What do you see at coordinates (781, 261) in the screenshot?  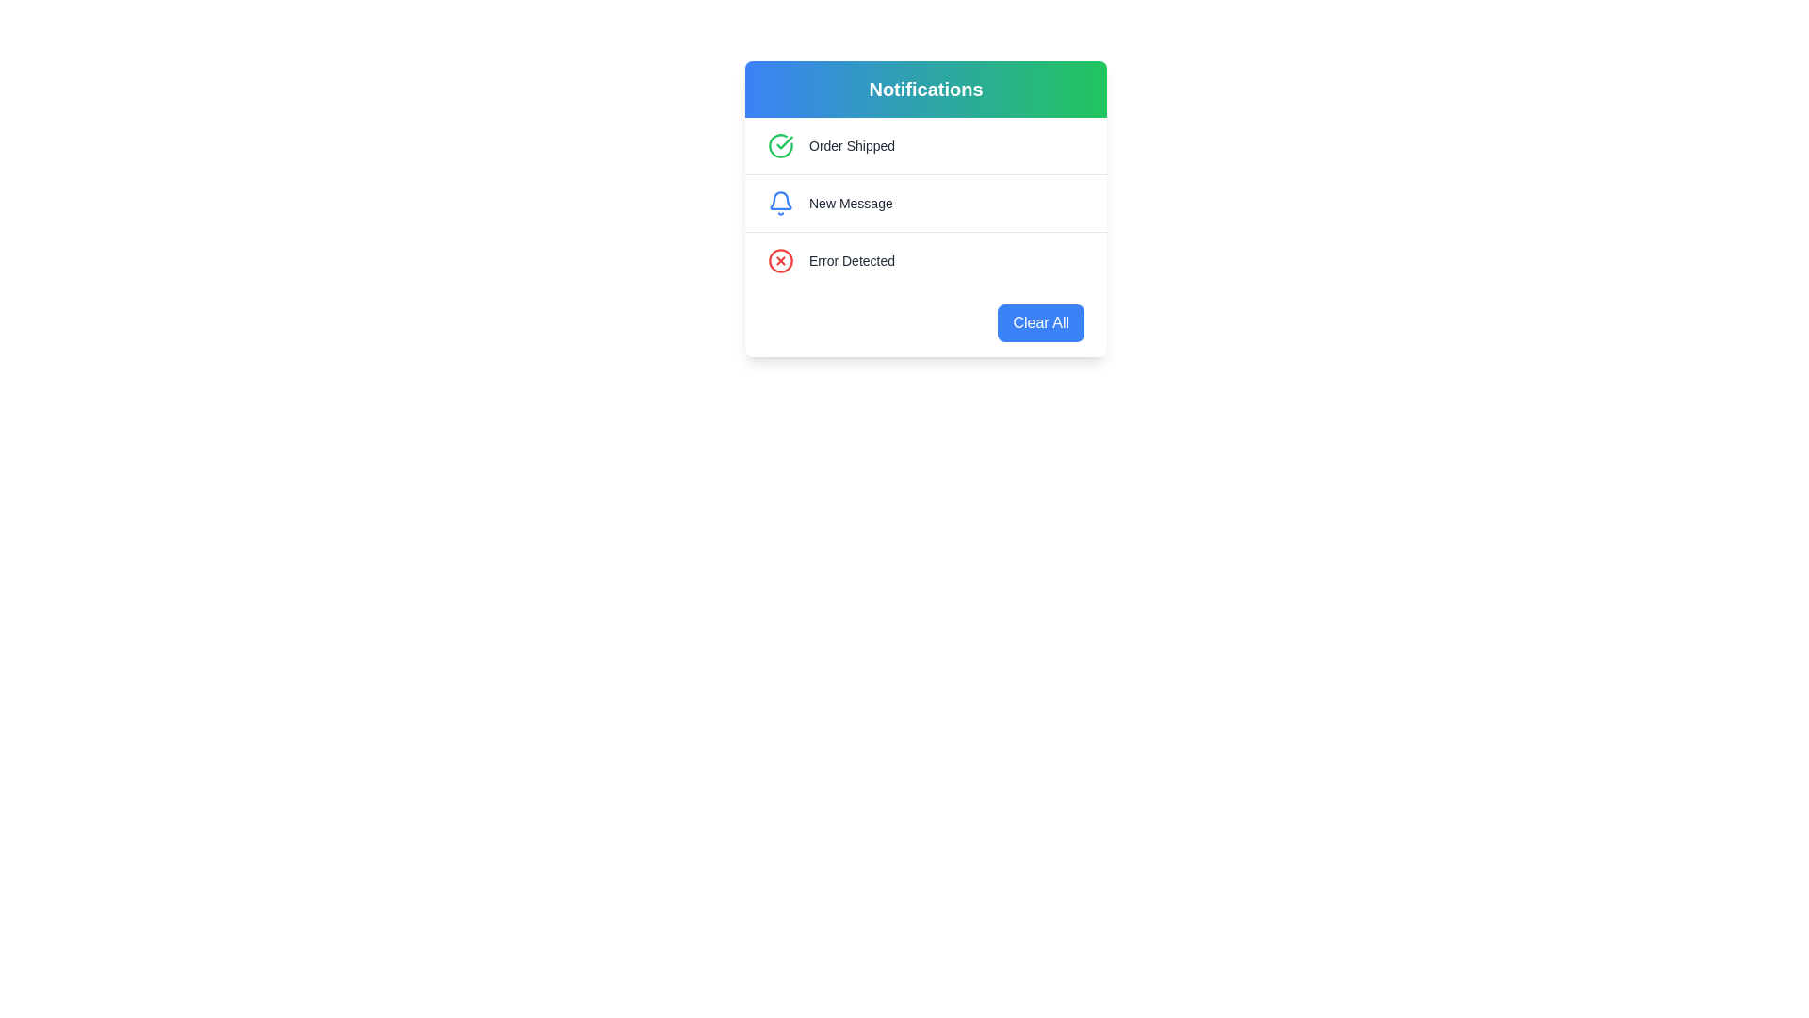 I see `the error icon located to the left of the 'Error Detected' notification` at bounding box center [781, 261].